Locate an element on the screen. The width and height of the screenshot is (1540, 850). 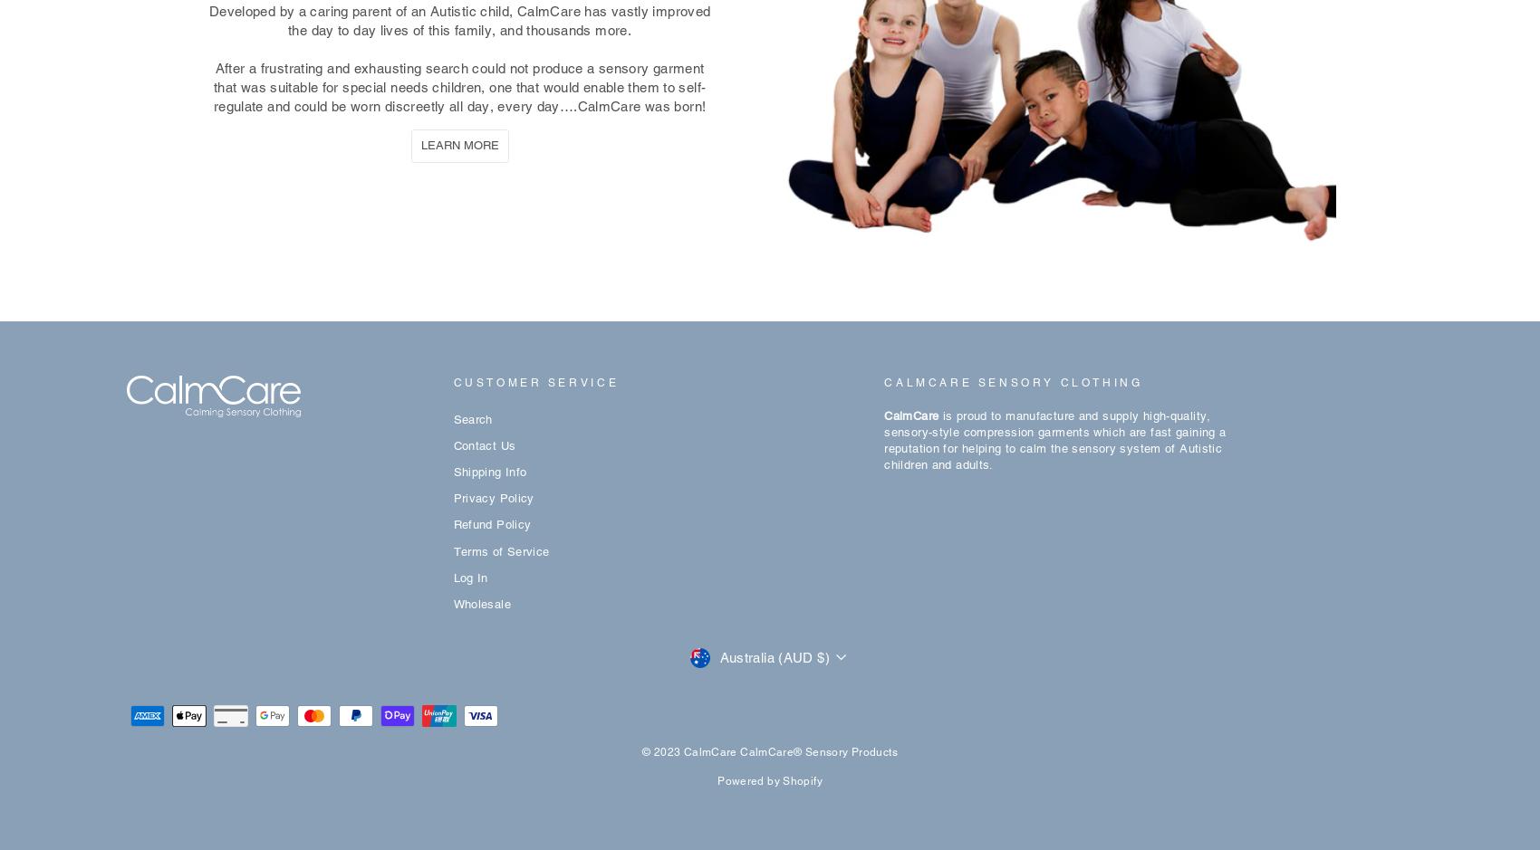
'© 2023 CalmCare
CalmCare® Sensory Products' is located at coordinates (768, 750).